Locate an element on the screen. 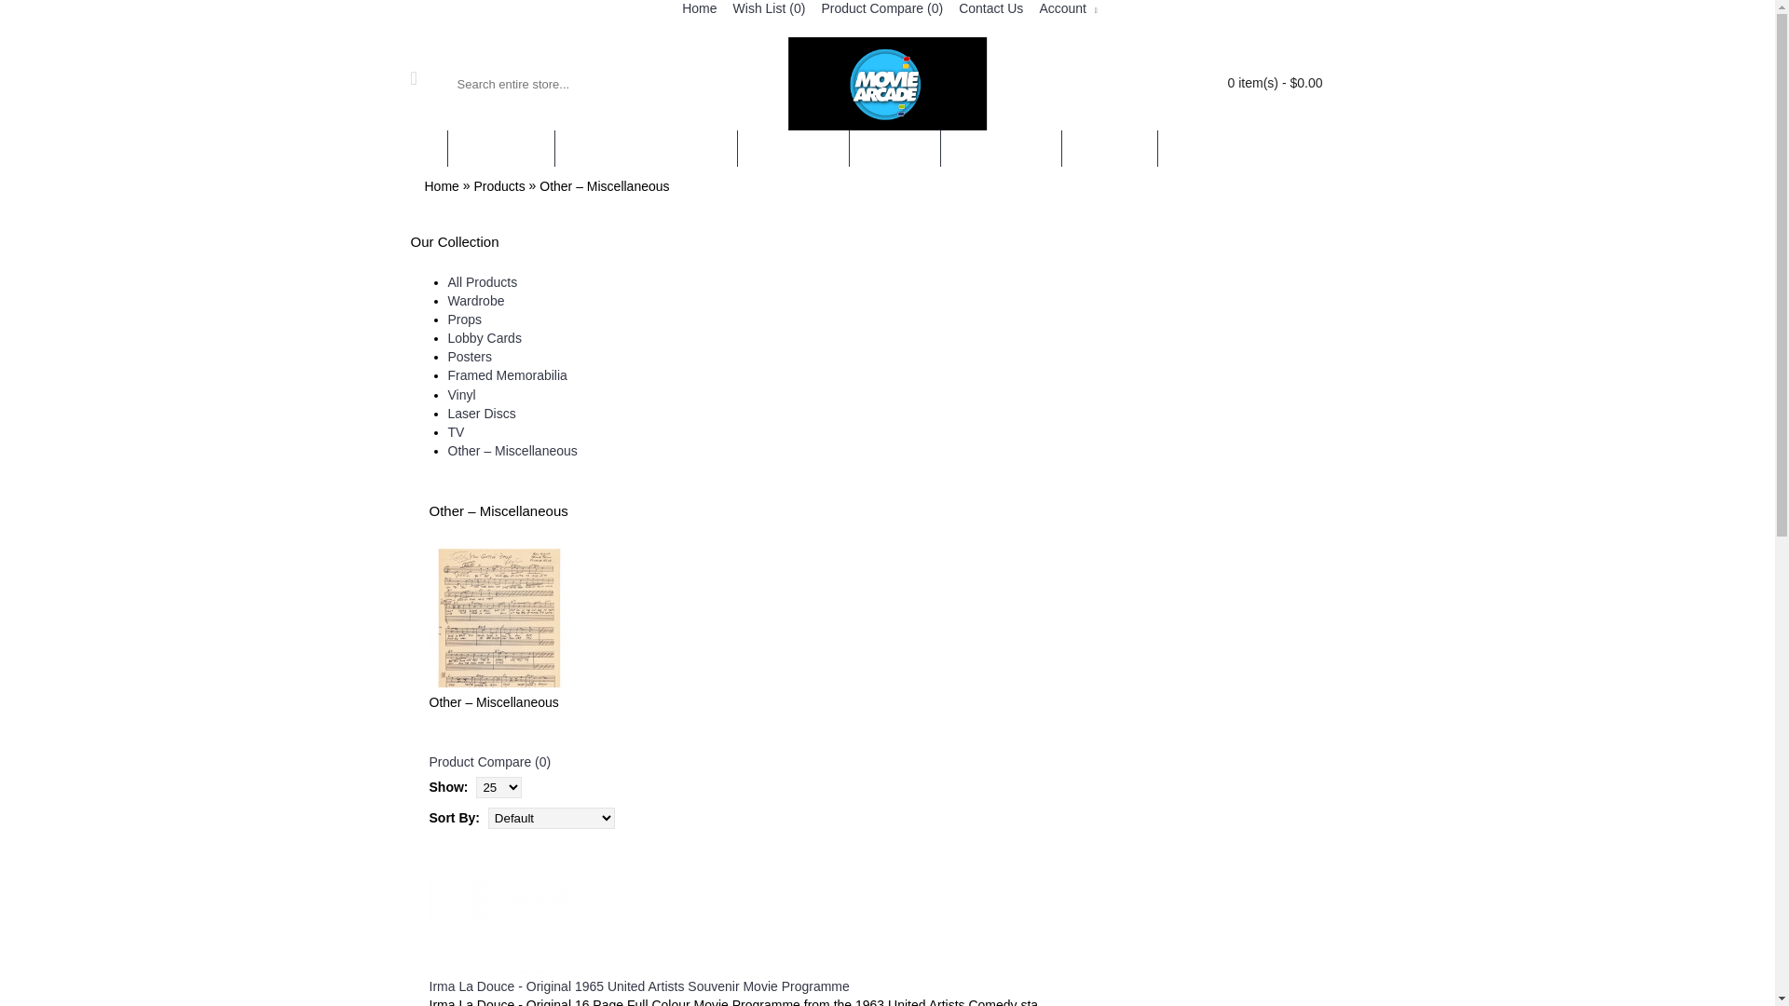  'Posters' is located at coordinates (469, 356).